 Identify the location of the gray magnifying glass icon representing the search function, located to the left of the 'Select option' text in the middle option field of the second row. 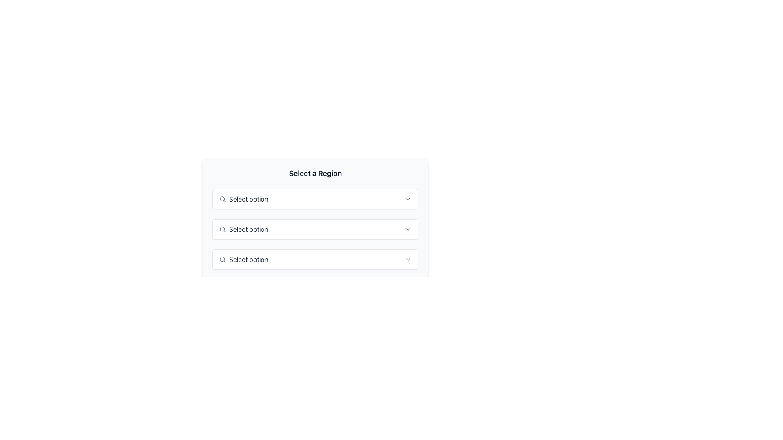
(223, 229).